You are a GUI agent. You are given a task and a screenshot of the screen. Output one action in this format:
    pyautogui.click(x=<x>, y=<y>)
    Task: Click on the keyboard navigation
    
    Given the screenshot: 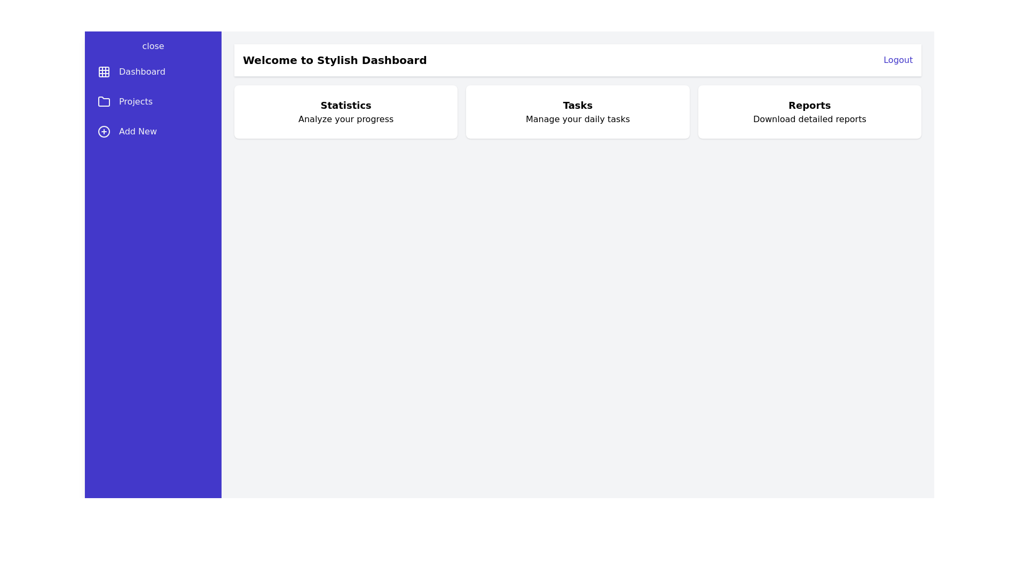 What is the action you would take?
    pyautogui.click(x=153, y=46)
    